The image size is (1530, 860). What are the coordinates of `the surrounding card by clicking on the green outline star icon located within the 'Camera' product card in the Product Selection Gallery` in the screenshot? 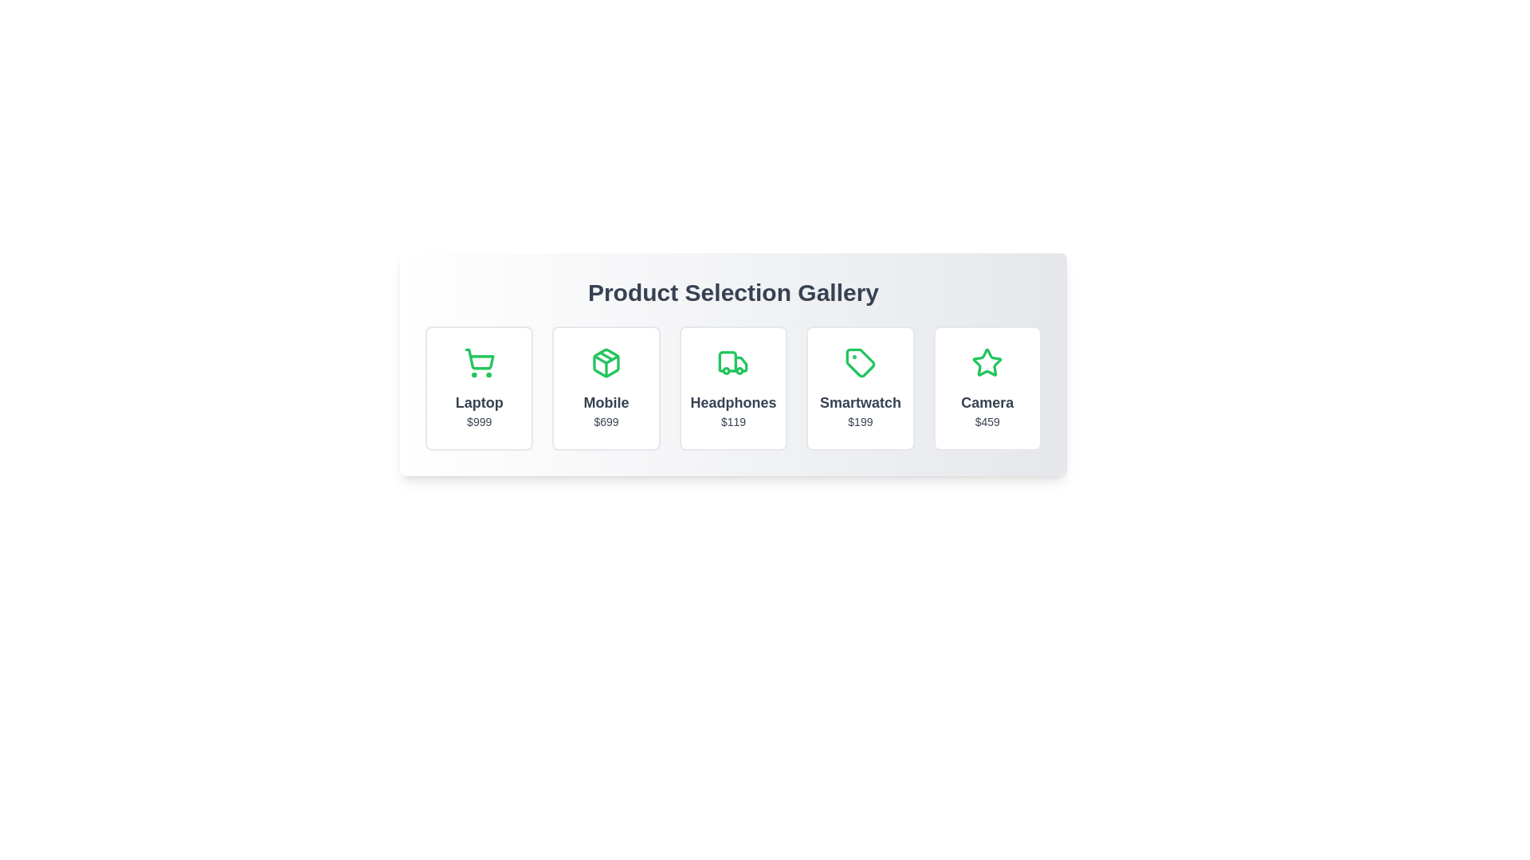 It's located at (987, 362).